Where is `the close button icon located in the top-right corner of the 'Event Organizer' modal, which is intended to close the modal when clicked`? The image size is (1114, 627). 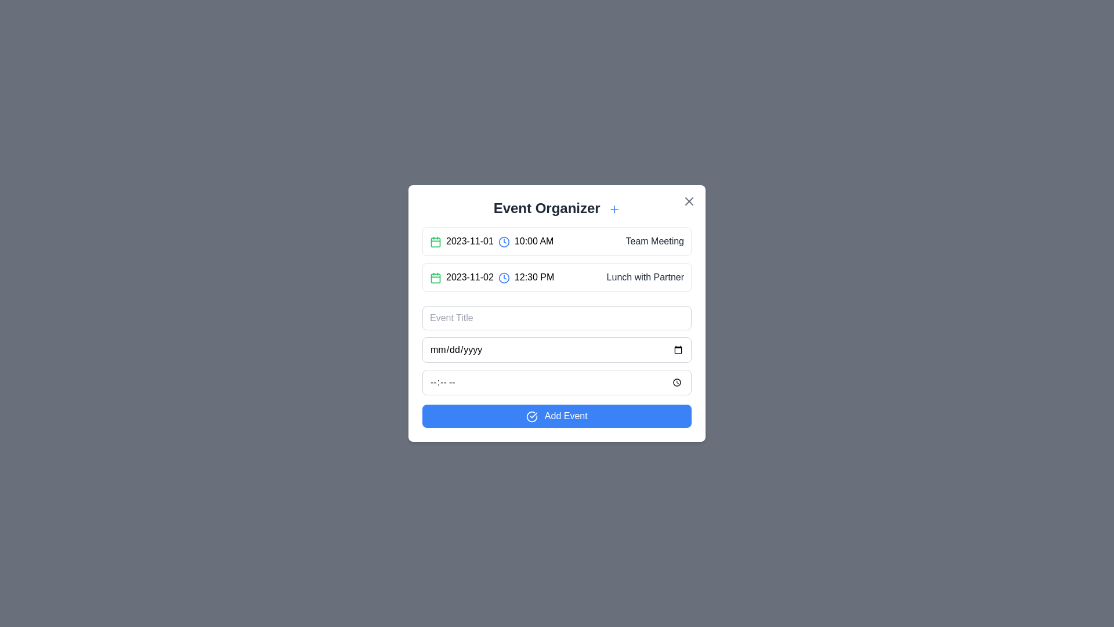
the close button icon located in the top-right corner of the 'Event Organizer' modal, which is intended to close the modal when clicked is located at coordinates (689, 201).